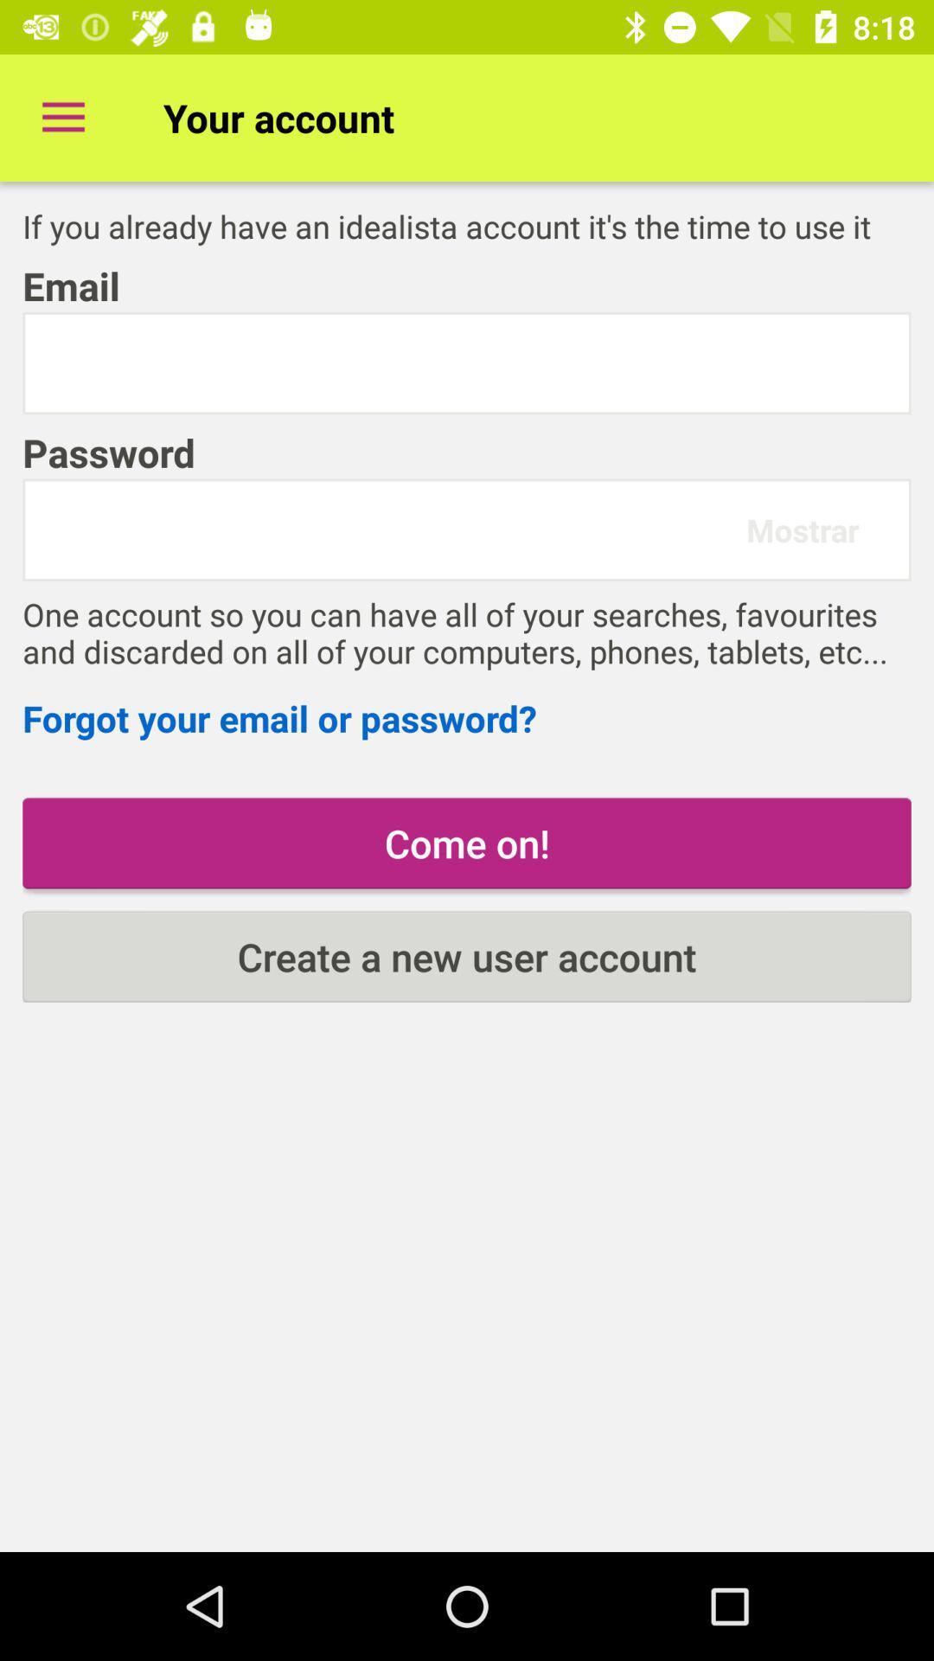 Image resolution: width=934 pixels, height=1661 pixels. I want to click on come on! icon, so click(467, 843).